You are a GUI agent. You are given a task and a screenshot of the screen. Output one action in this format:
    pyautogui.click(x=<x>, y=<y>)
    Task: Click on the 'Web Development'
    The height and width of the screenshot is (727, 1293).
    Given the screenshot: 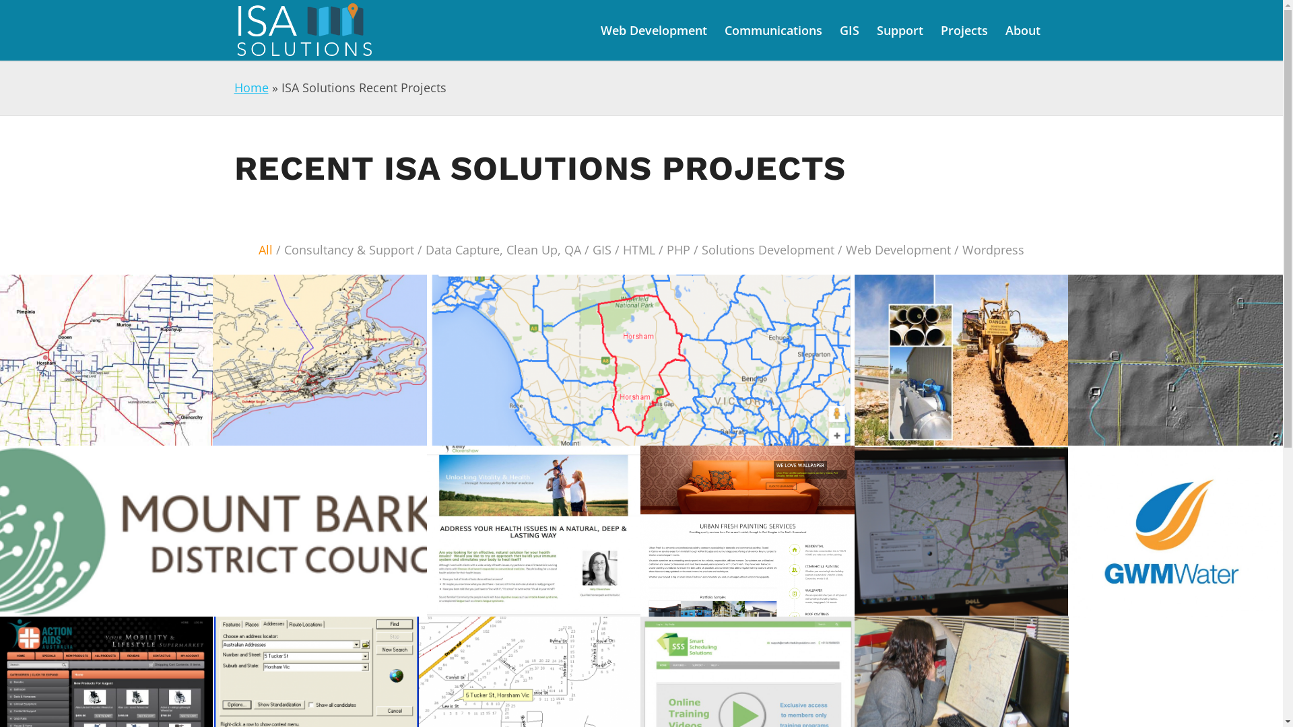 What is the action you would take?
    pyautogui.click(x=653, y=30)
    